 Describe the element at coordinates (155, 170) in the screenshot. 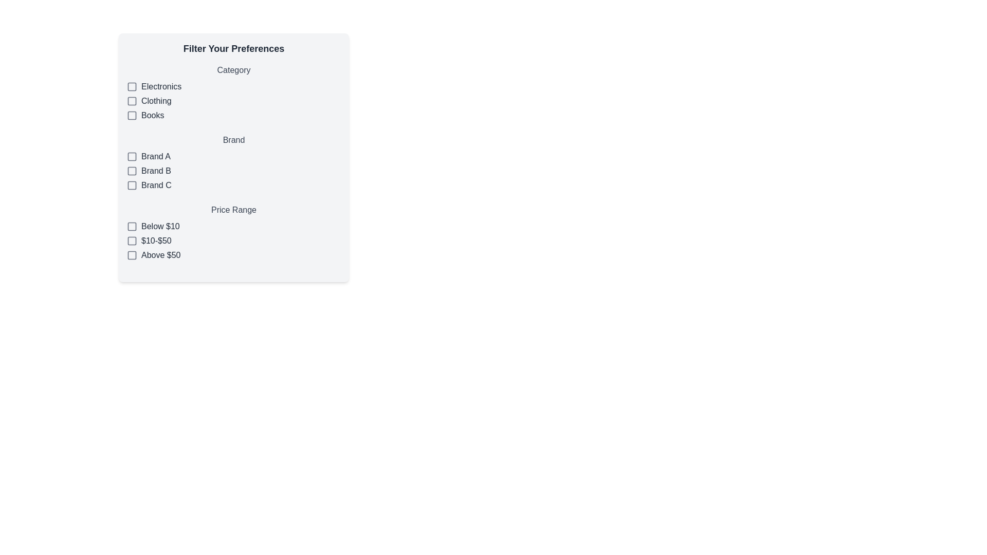

I see `the checkbox associated with the 'Brand B' text label, which is the second option under the 'Brand' section, located next to the label` at that location.